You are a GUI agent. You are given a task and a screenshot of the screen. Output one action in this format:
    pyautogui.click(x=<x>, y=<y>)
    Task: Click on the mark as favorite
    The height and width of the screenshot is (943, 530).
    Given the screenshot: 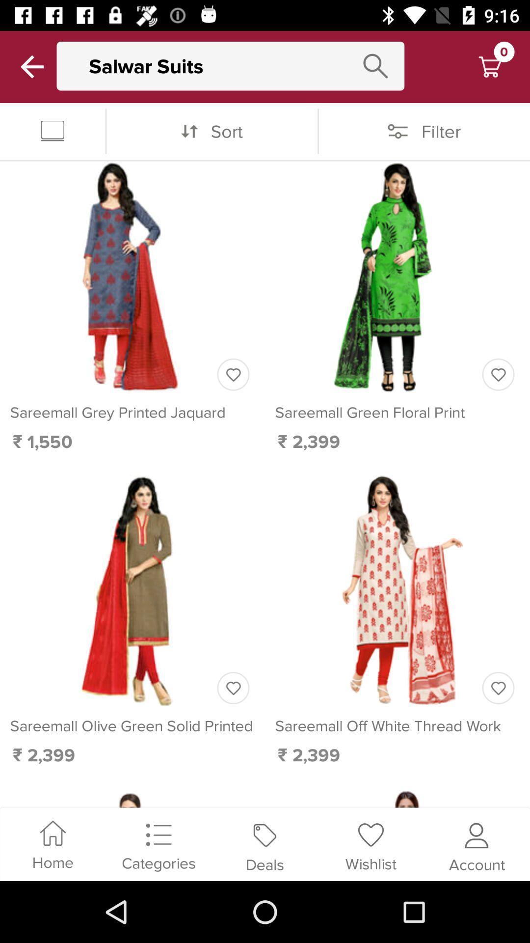 What is the action you would take?
    pyautogui.click(x=233, y=374)
    